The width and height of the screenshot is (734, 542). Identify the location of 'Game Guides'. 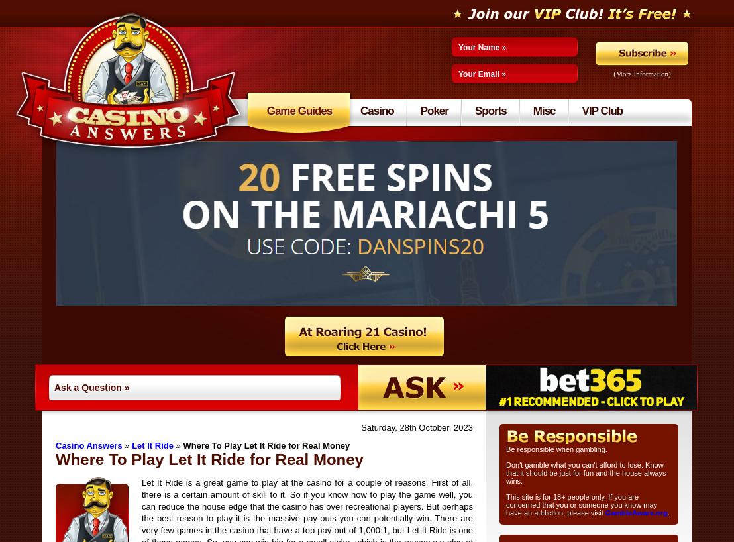
(298, 110).